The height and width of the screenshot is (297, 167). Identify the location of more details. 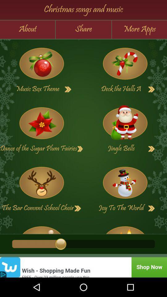
(151, 89).